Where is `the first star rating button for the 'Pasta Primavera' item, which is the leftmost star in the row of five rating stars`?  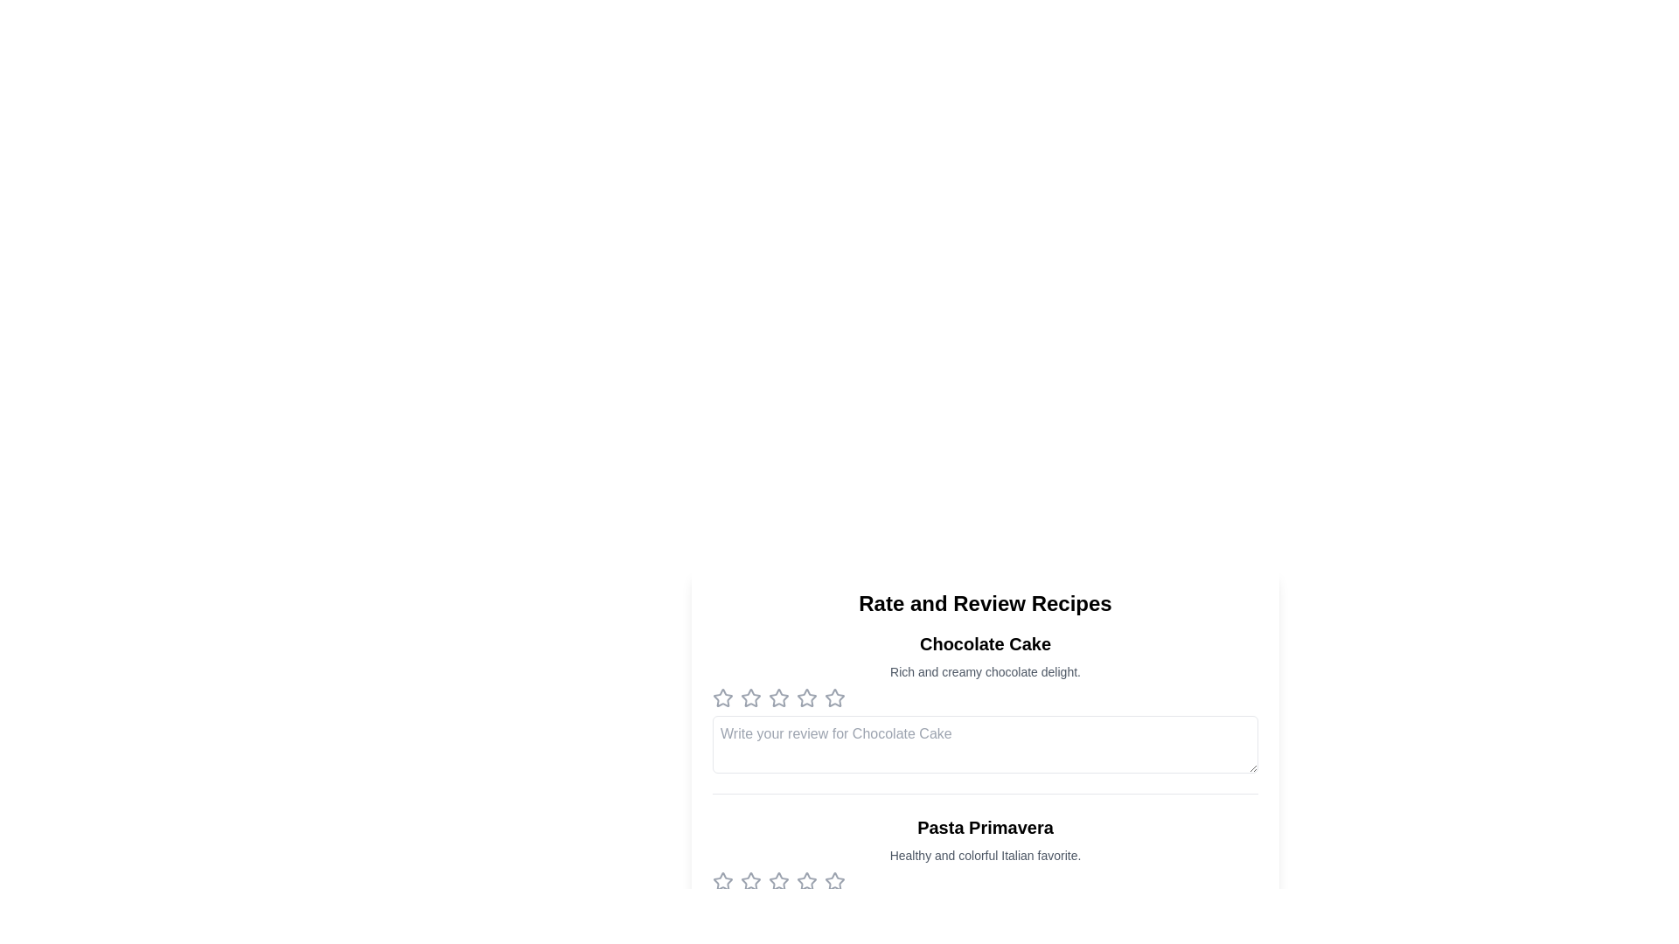 the first star rating button for the 'Pasta Primavera' item, which is the leftmost star in the row of five rating stars is located at coordinates (722, 882).